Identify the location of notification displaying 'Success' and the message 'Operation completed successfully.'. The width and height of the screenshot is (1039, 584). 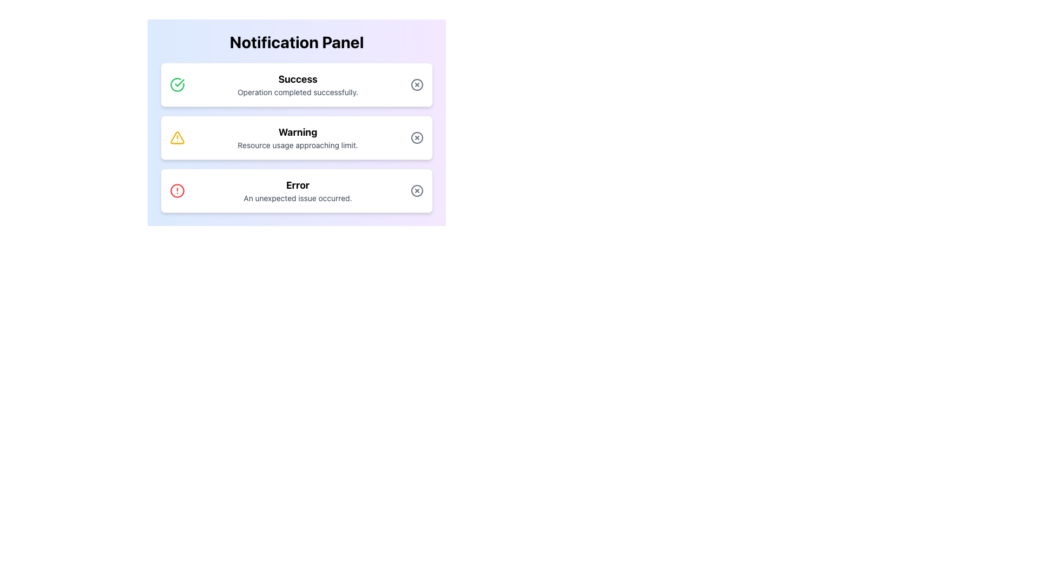
(298, 84).